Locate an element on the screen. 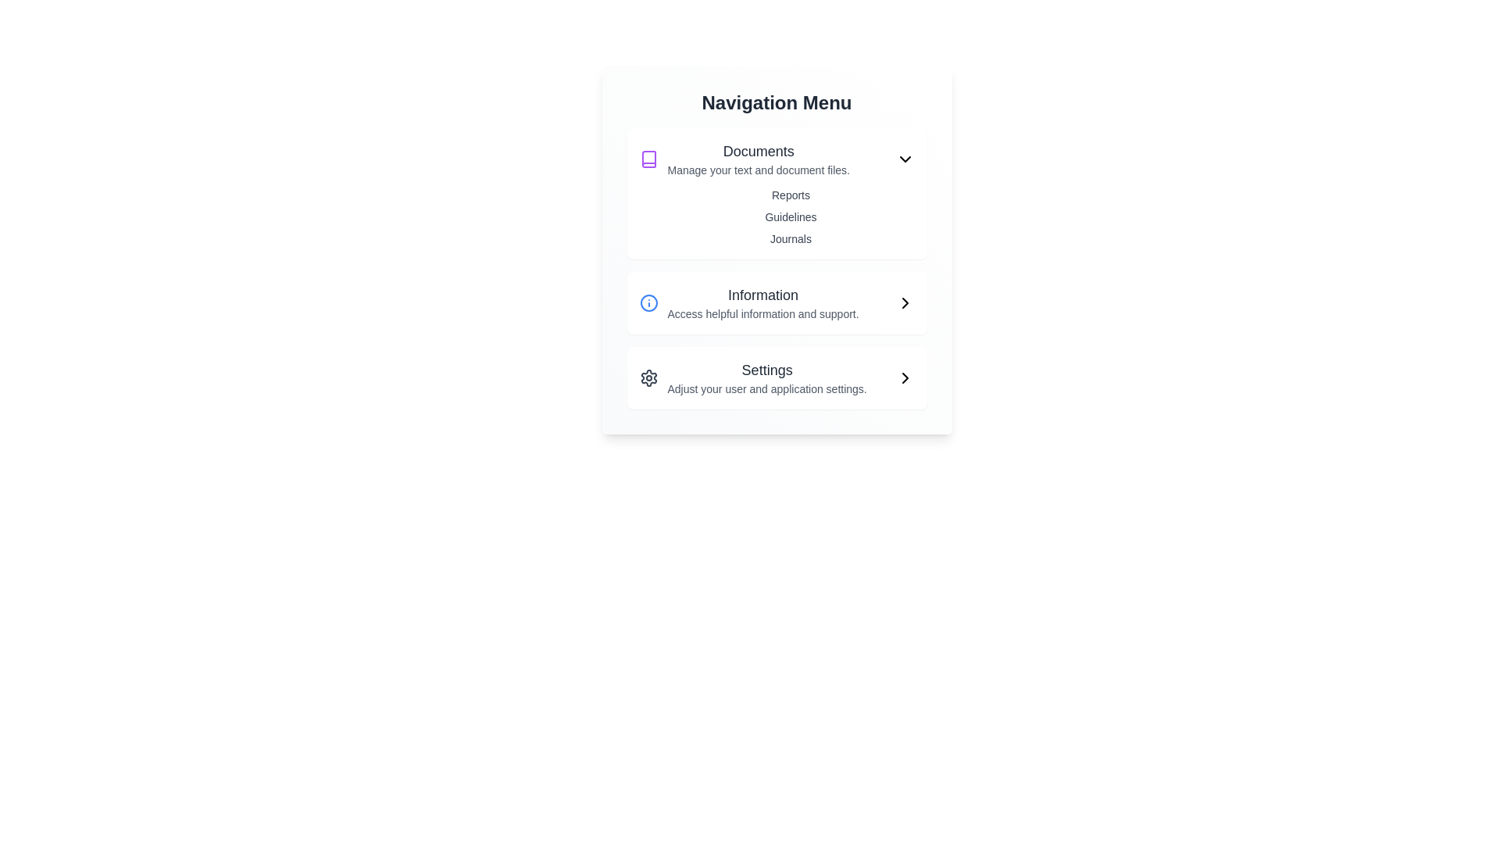  the vertical list containing 'Reports', 'Guidelines', and 'Journals' in the 'Documents' section of the navigation menu is located at coordinates (777, 216).